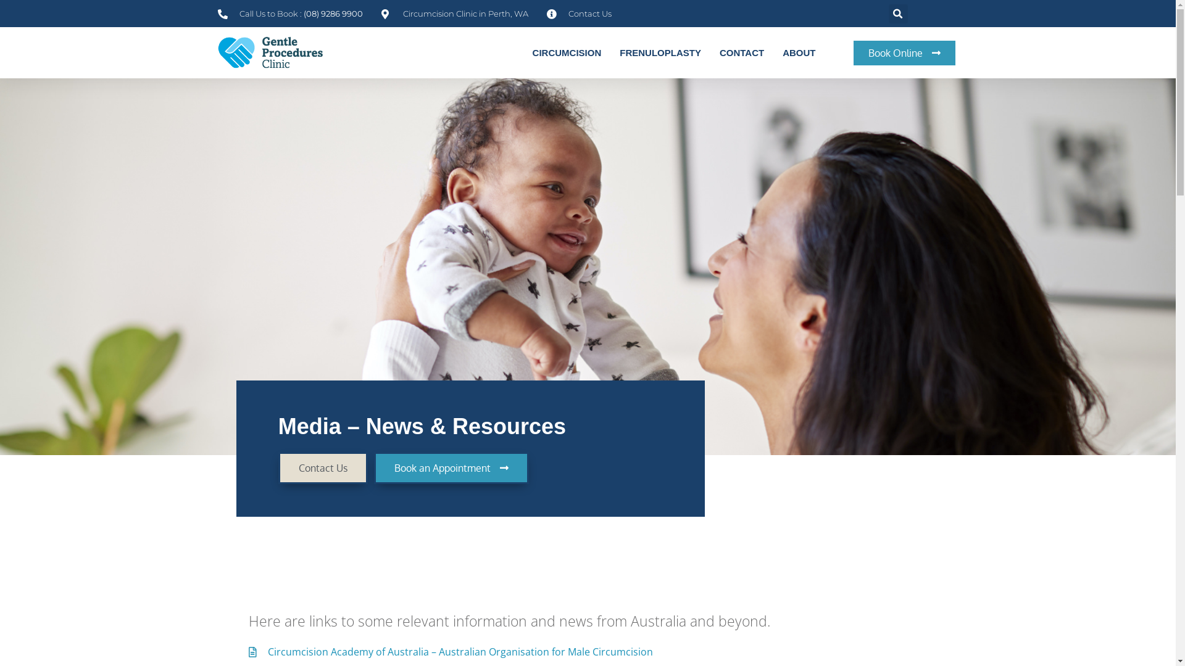  What do you see at coordinates (451, 468) in the screenshot?
I see `'Book an Appointment'` at bounding box center [451, 468].